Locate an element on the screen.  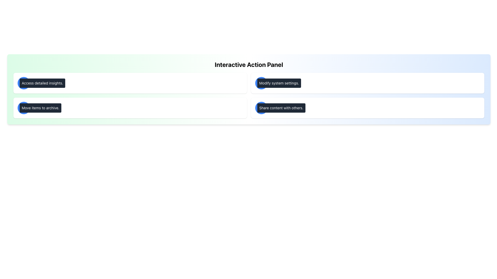
the graphical representation of the gear icon which symbolizes settings or preferences, located in the upper right quadrant of the application interface is located at coordinates (261, 83).